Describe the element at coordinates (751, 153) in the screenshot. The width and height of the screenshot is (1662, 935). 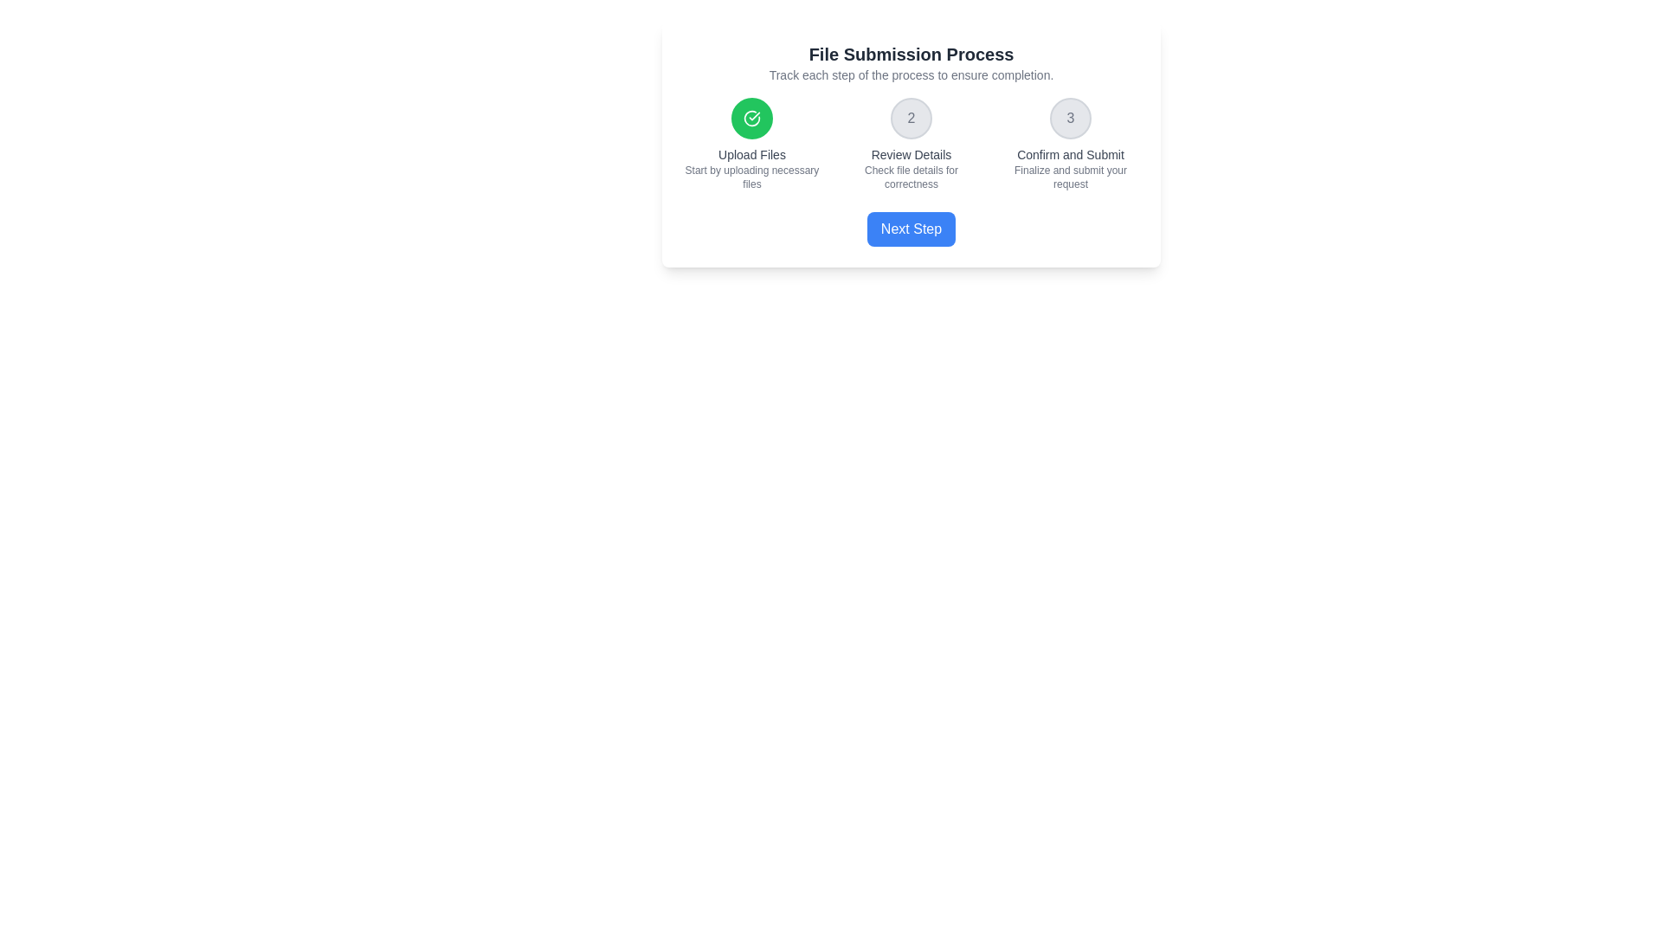
I see `the text label for the first step in the file submission process, which is located below a circular checkmark icon and above the smaller text 'Start by uploading necessary files'` at that location.